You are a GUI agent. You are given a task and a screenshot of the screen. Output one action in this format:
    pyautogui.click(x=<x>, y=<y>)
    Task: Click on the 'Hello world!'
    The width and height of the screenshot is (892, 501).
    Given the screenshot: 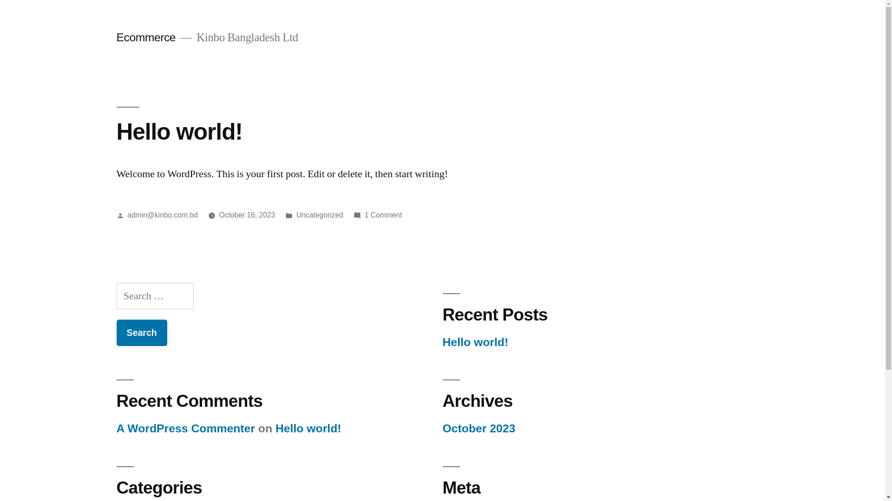 What is the action you would take?
    pyautogui.click(x=179, y=131)
    